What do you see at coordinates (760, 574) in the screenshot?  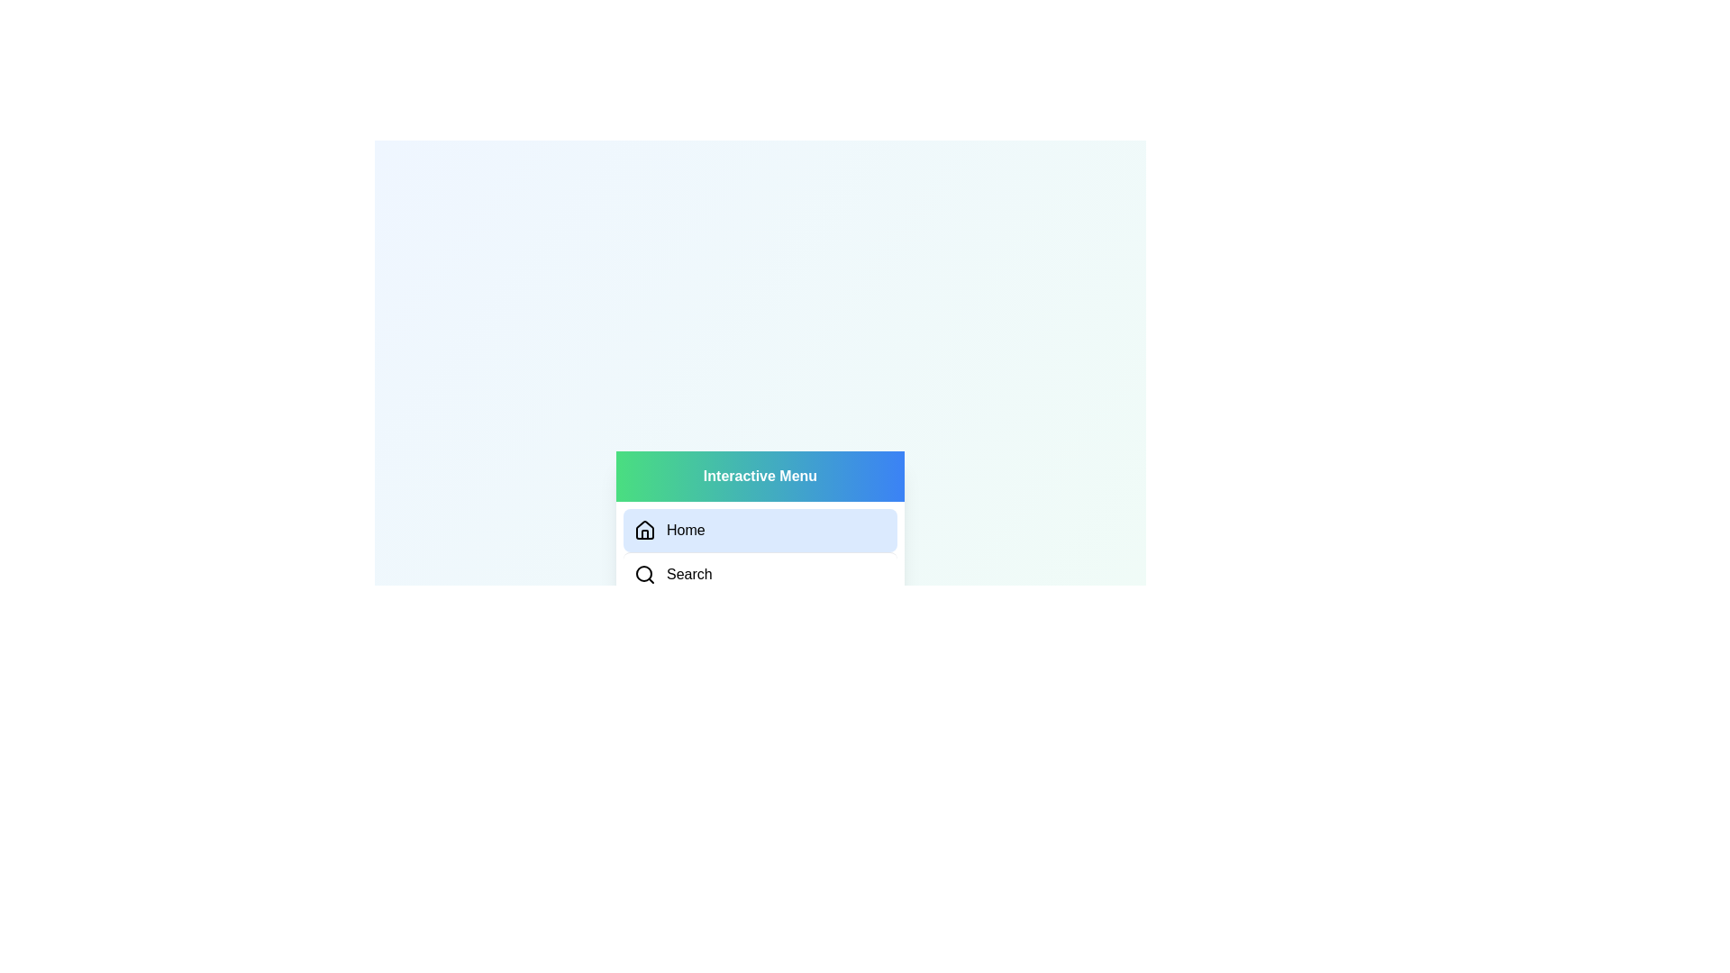 I see `the Search tab in the menu` at bounding box center [760, 574].